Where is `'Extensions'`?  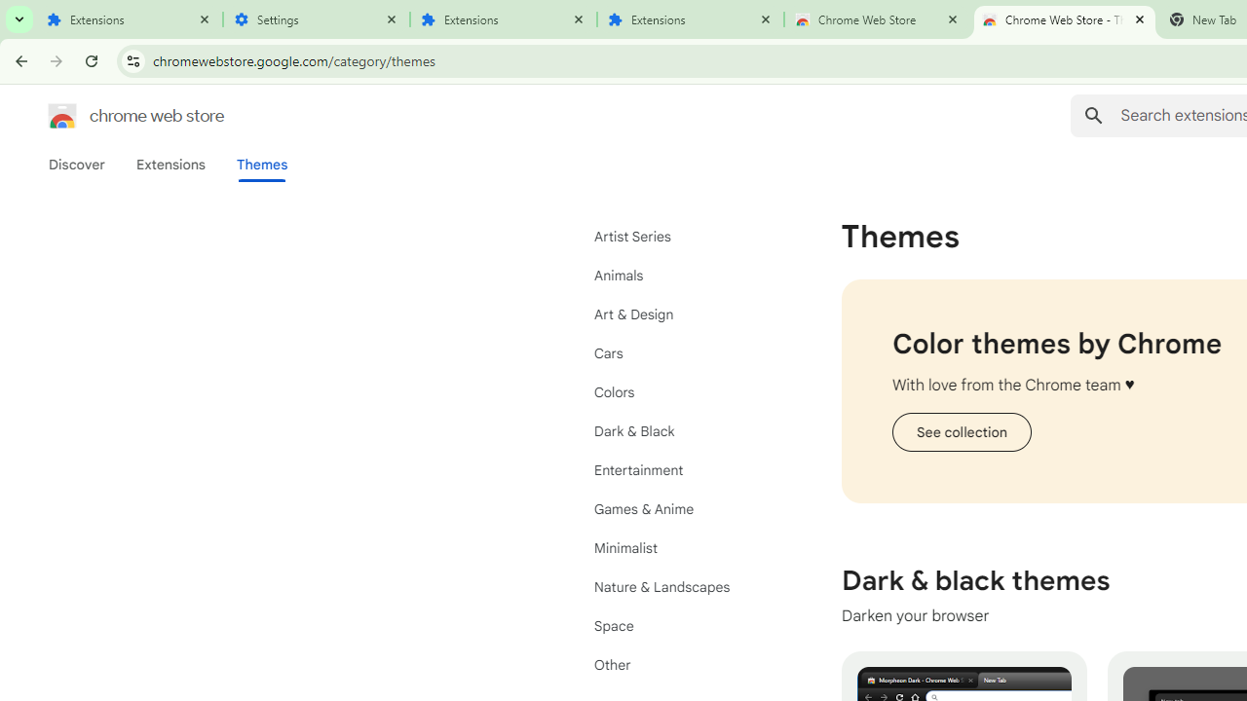
'Extensions' is located at coordinates (691, 19).